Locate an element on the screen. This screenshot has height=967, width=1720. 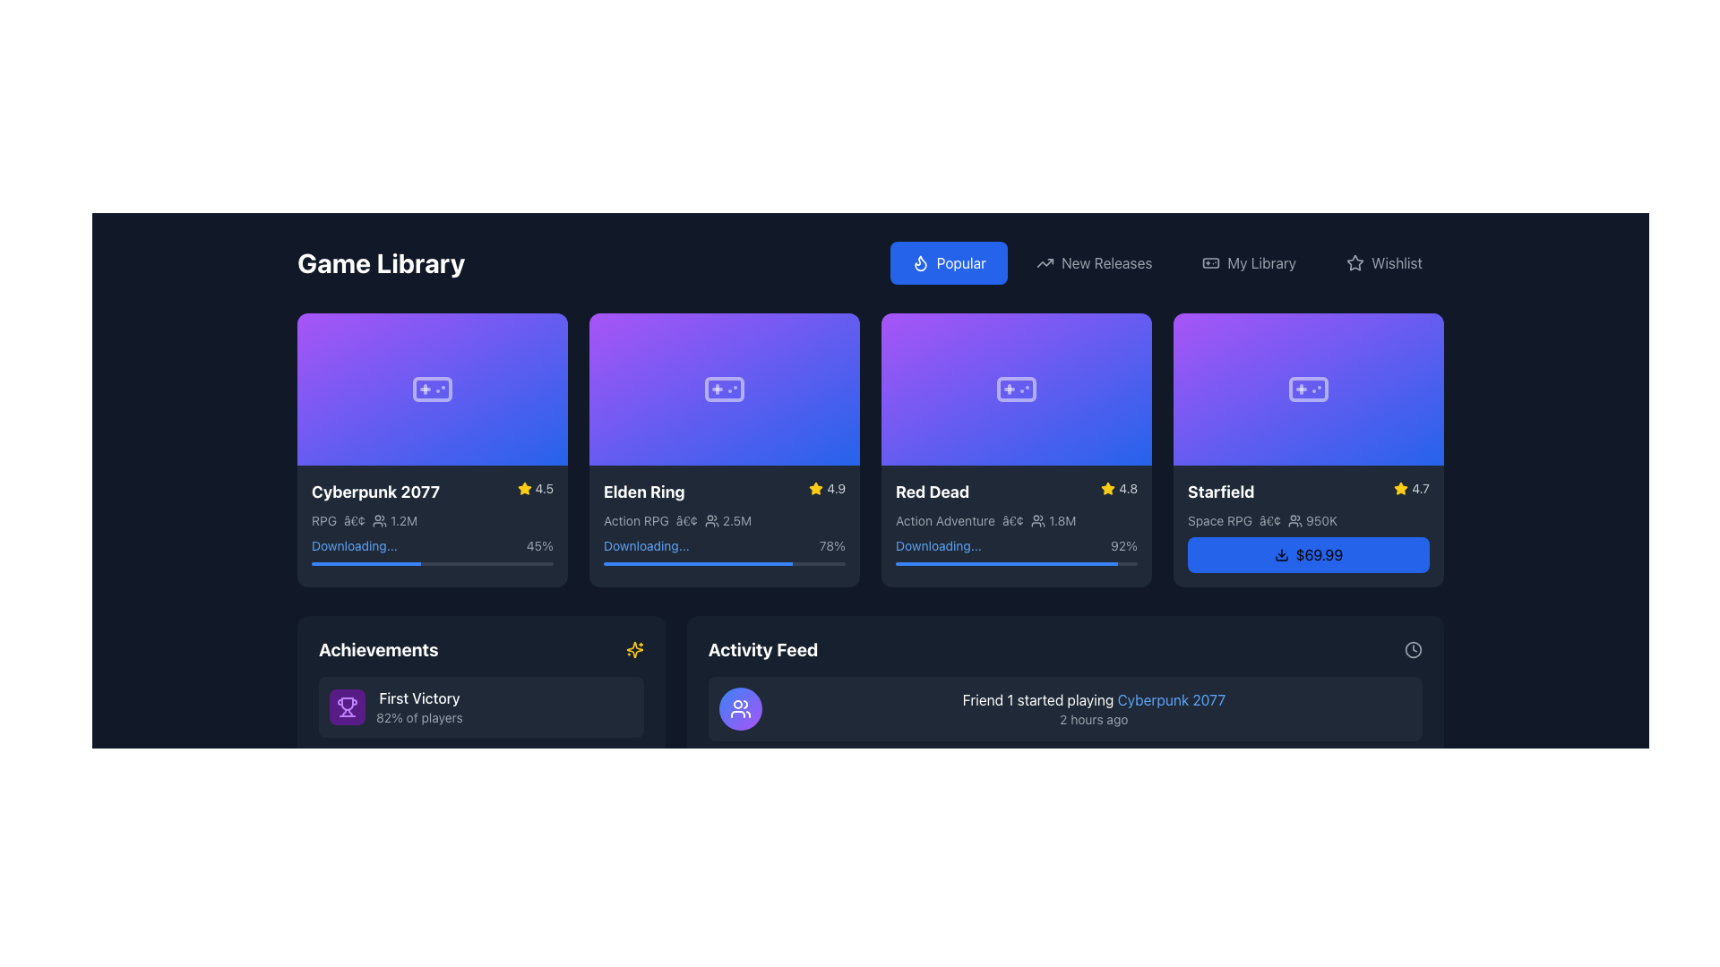
the download progress represented by the filled blue portion of the progress bar located beneath the 'Red Dead' game card in the 'Game Library' section, positioned between the text 'Downloading...' and the percentage '92% is located at coordinates (1007, 562).